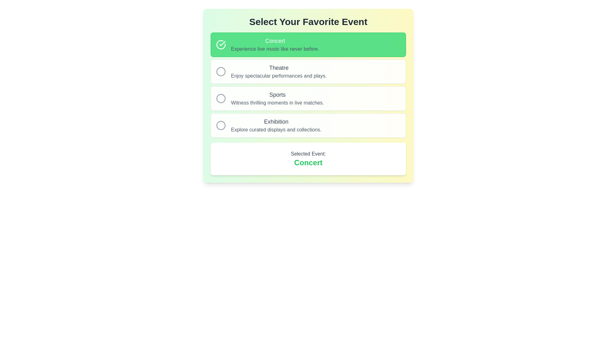 This screenshot has height=338, width=601. I want to click on the static text reading 'Experience live music like never before,' which is styled in a smaller gray font and located inside the green rounded rectangle selection box directly below the 'Concert' header, so click(275, 49).